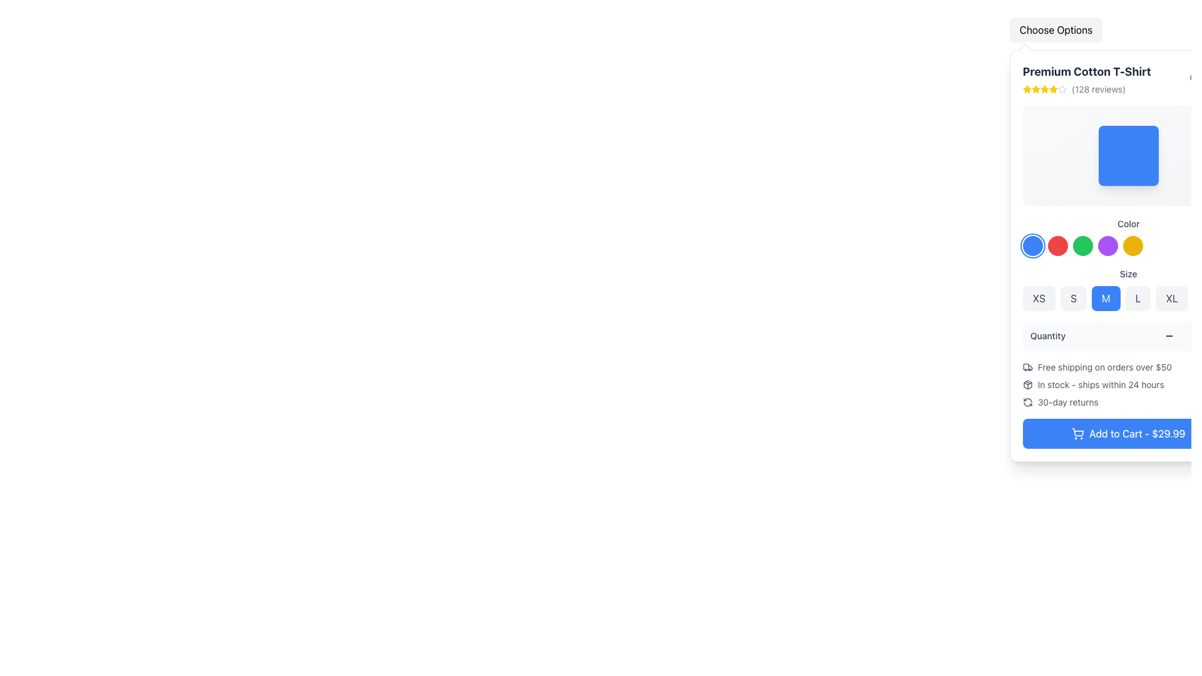  Describe the element at coordinates (1128, 223) in the screenshot. I see `the static text element that labels the section for selecting colors associated with the product, located on the right panel above the circular color selectors` at that location.